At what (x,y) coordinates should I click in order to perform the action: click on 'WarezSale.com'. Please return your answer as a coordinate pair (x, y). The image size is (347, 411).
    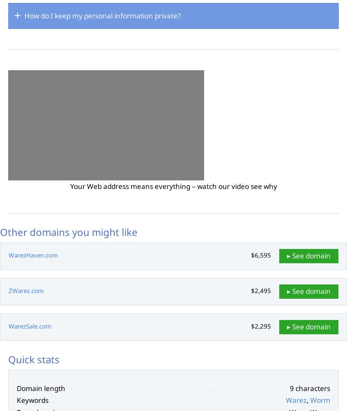
    Looking at the image, I should click on (30, 325).